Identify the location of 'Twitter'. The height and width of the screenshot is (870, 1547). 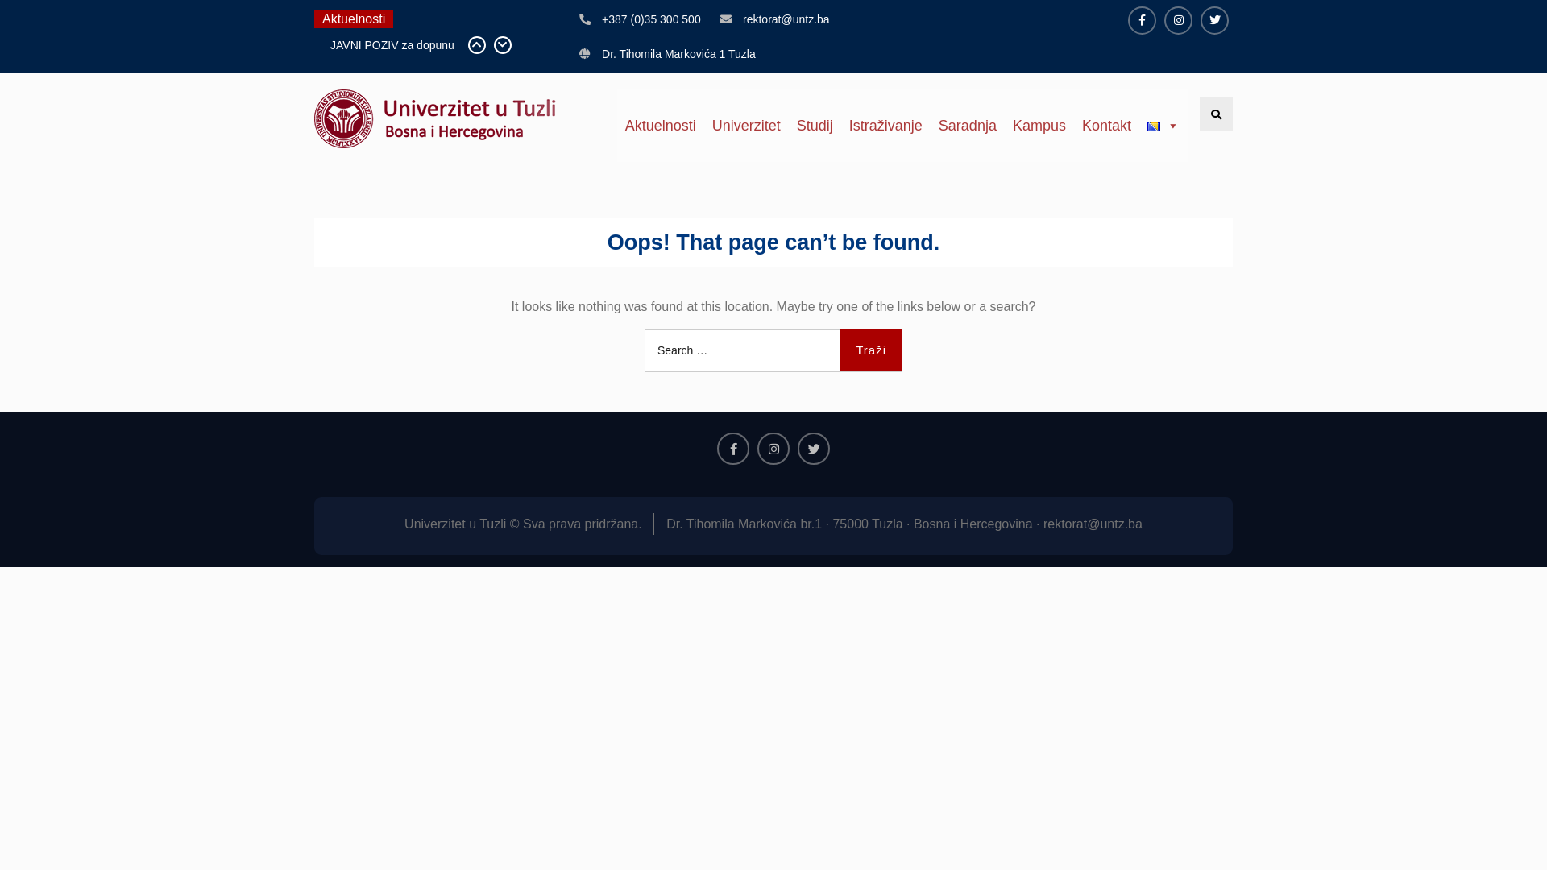
(1214, 20).